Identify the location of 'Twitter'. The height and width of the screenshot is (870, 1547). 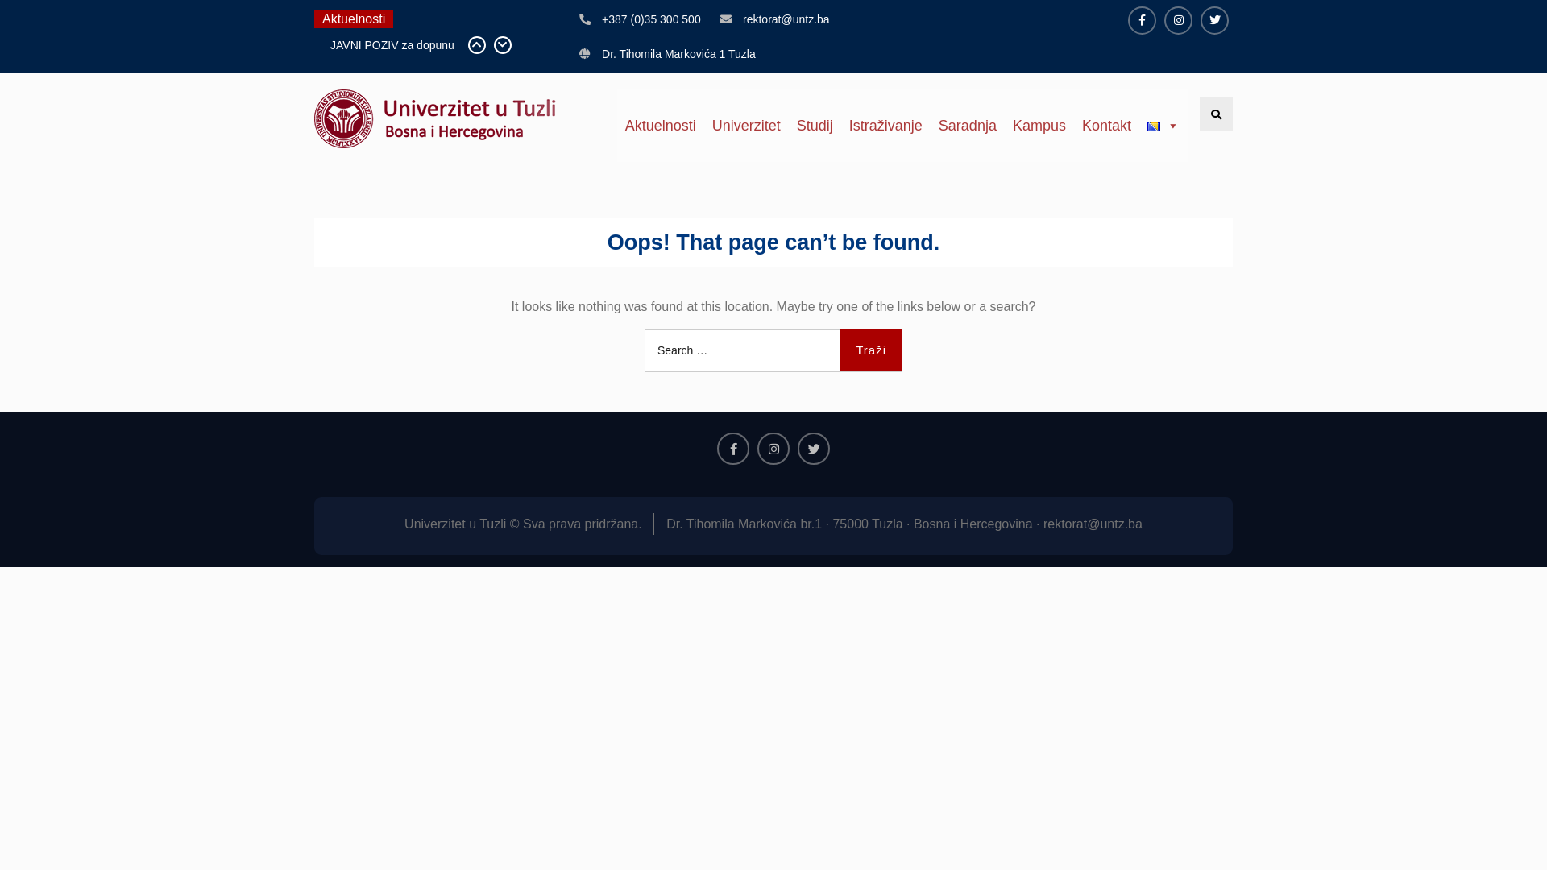
(1214, 20).